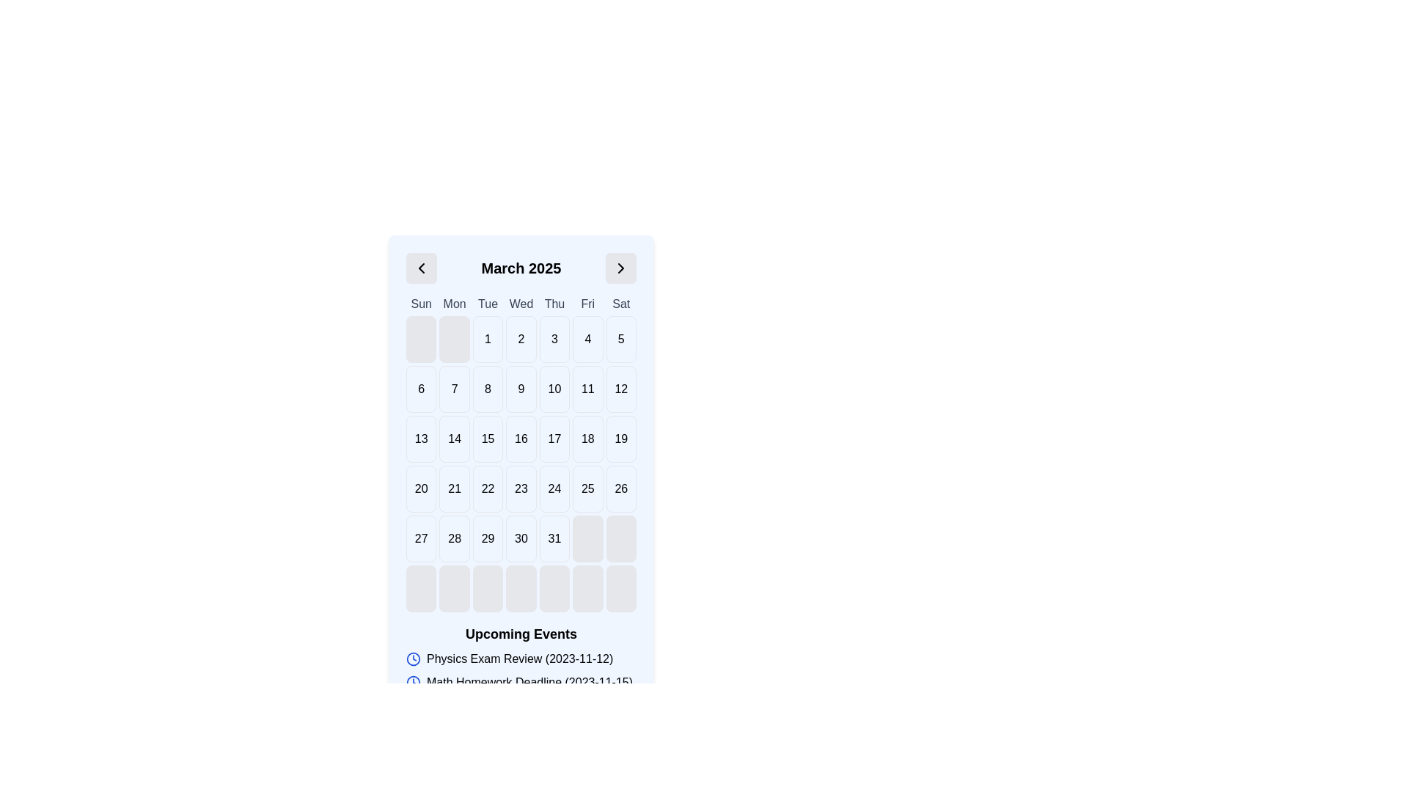 The height and width of the screenshot is (792, 1408). Describe the element at coordinates (620, 268) in the screenshot. I see `the rightmost navigation button` at that location.